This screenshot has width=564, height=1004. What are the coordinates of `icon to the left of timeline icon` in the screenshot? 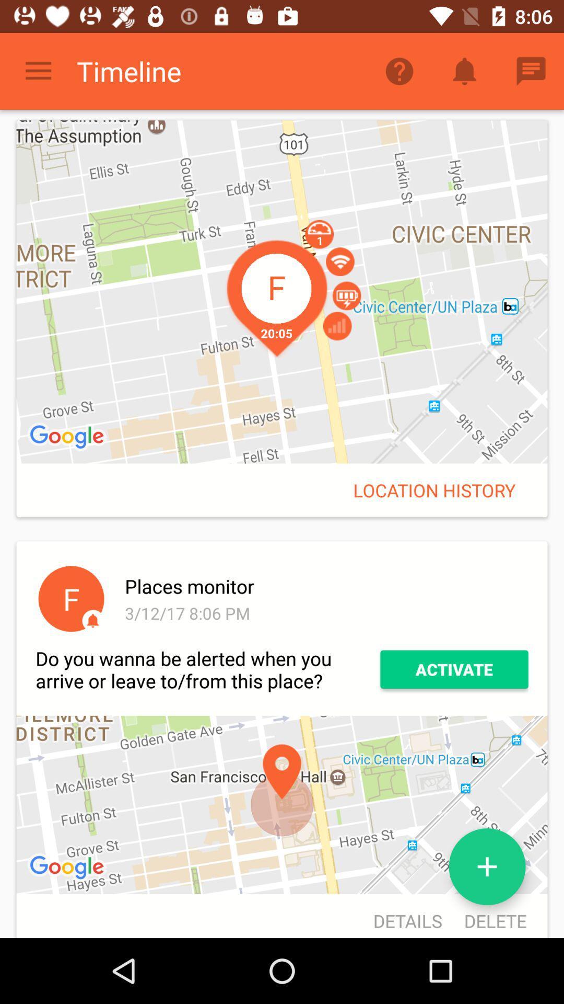 It's located at (38, 71).